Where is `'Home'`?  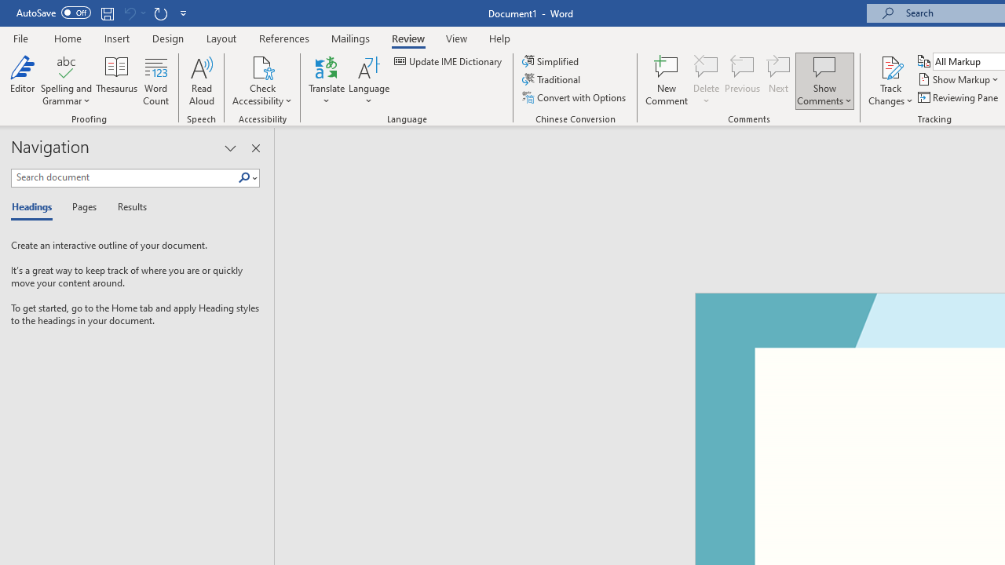
'Home' is located at coordinates (67, 38).